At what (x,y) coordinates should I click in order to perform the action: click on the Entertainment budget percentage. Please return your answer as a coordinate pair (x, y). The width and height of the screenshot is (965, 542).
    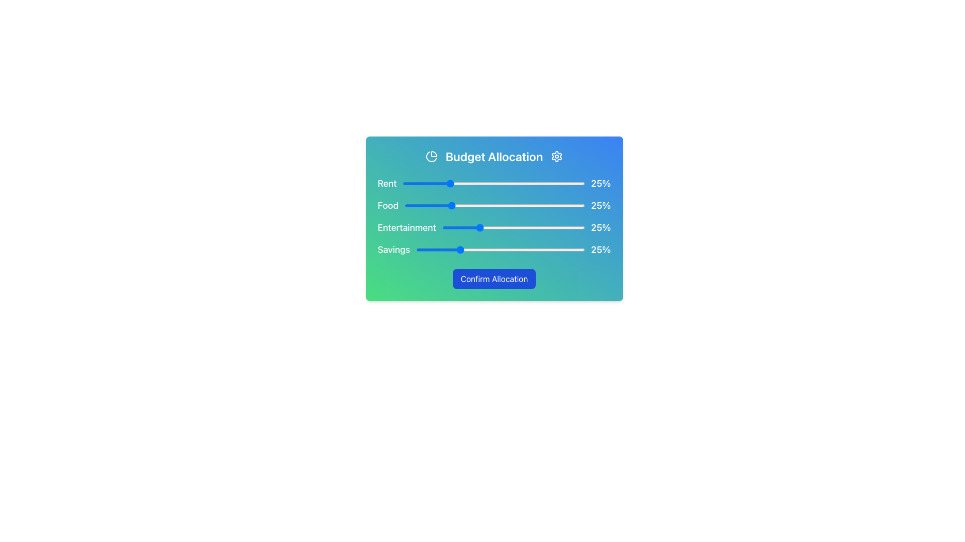
    Looking at the image, I should click on (527, 228).